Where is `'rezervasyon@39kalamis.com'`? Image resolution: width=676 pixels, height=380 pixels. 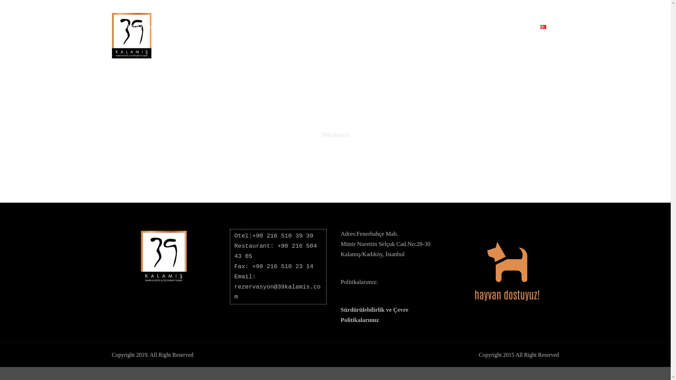 'rezervasyon@39kalamis.com' is located at coordinates (277, 292).